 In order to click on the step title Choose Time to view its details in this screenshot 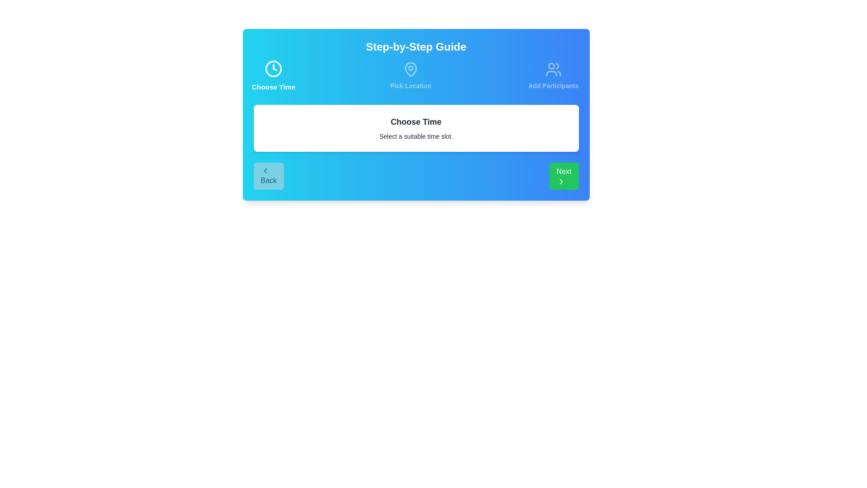, I will do `click(273, 75)`.